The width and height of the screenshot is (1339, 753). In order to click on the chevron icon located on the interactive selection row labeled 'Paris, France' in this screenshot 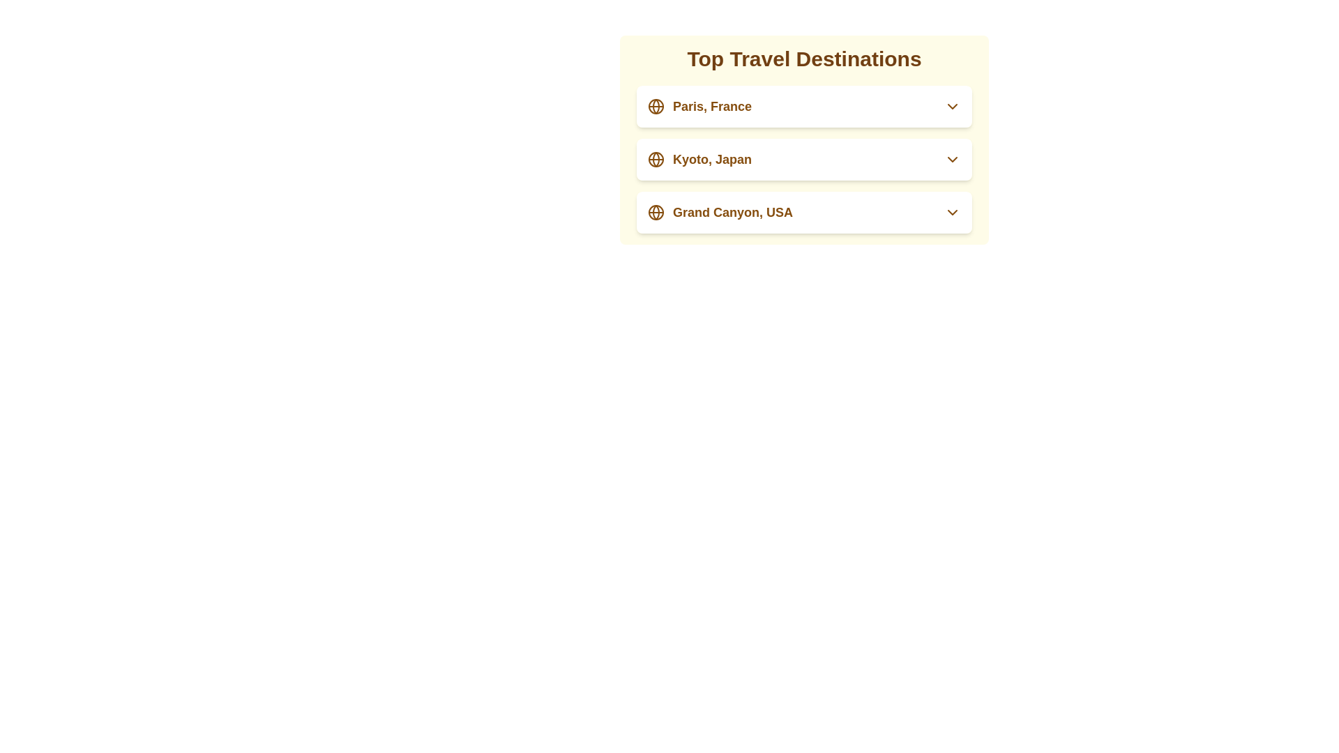, I will do `click(952, 106)`.